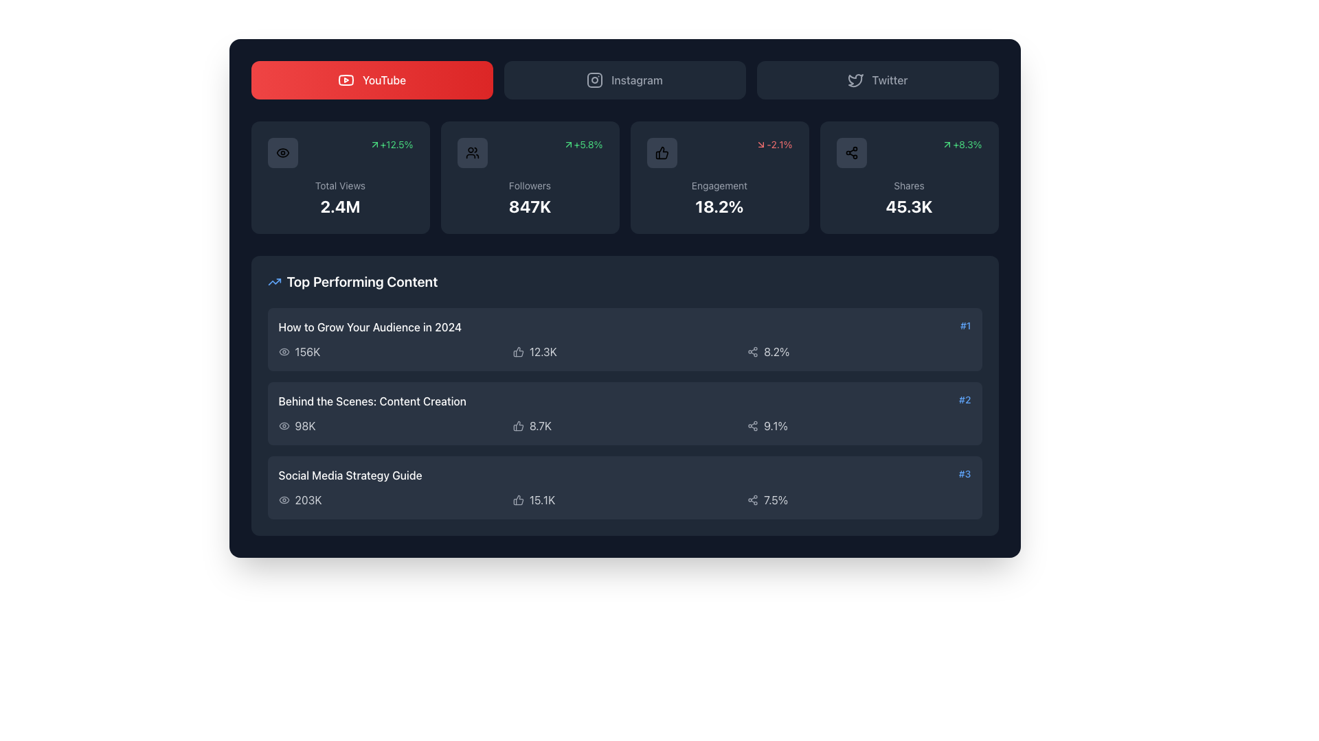 The image size is (1319, 741). What do you see at coordinates (877, 80) in the screenshot?
I see `the interactive button labeled 'Twitter' with a dark gray background and rounded corners` at bounding box center [877, 80].